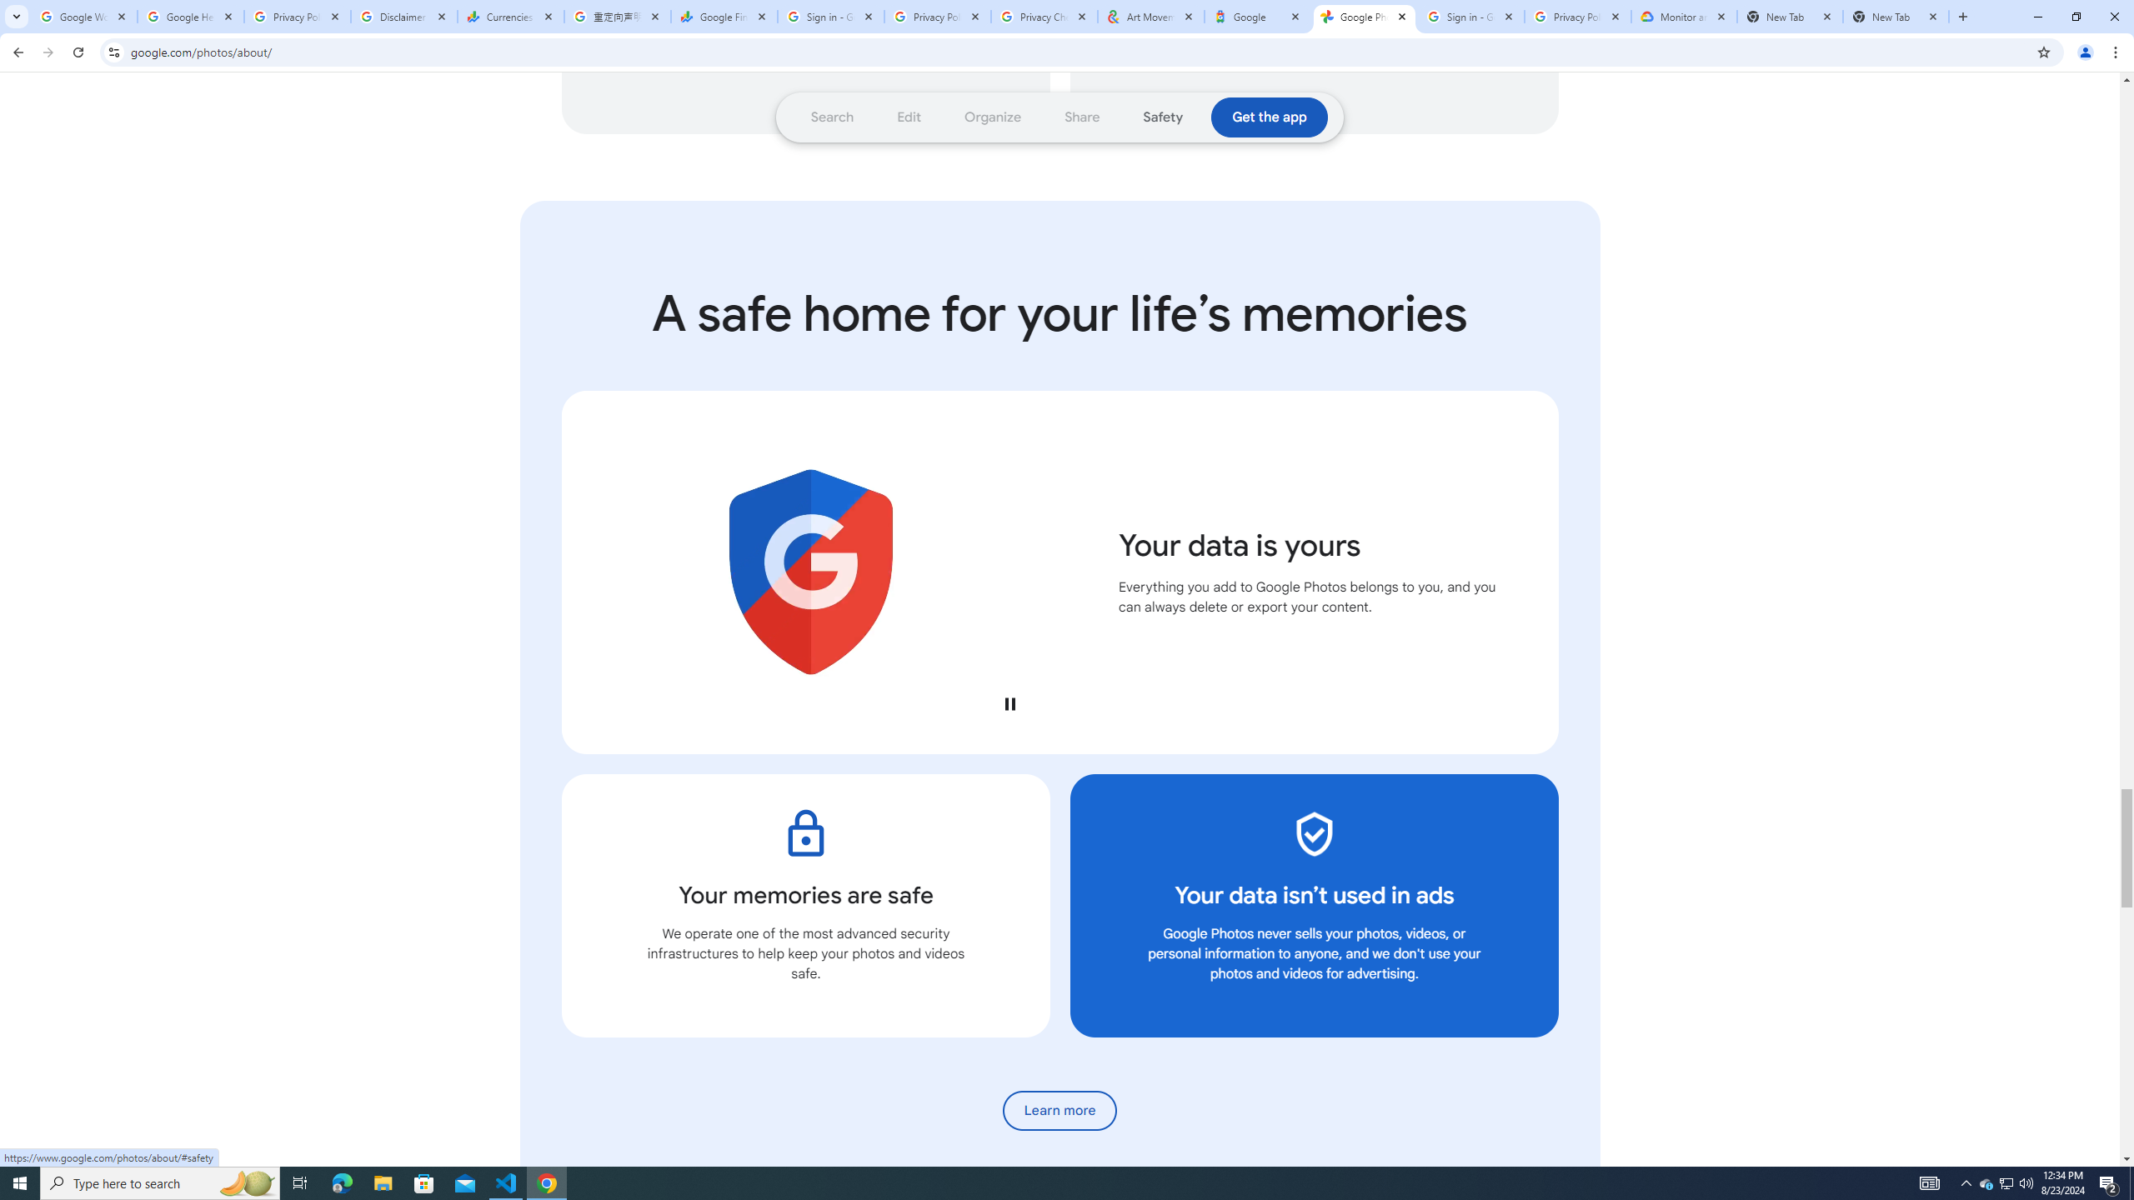 The height and width of the screenshot is (1200, 2134). What do you see at coordinates (1080, 117) in the screenshot?
I see `'Go to section: Share'` at bounding box center [1080, 117].